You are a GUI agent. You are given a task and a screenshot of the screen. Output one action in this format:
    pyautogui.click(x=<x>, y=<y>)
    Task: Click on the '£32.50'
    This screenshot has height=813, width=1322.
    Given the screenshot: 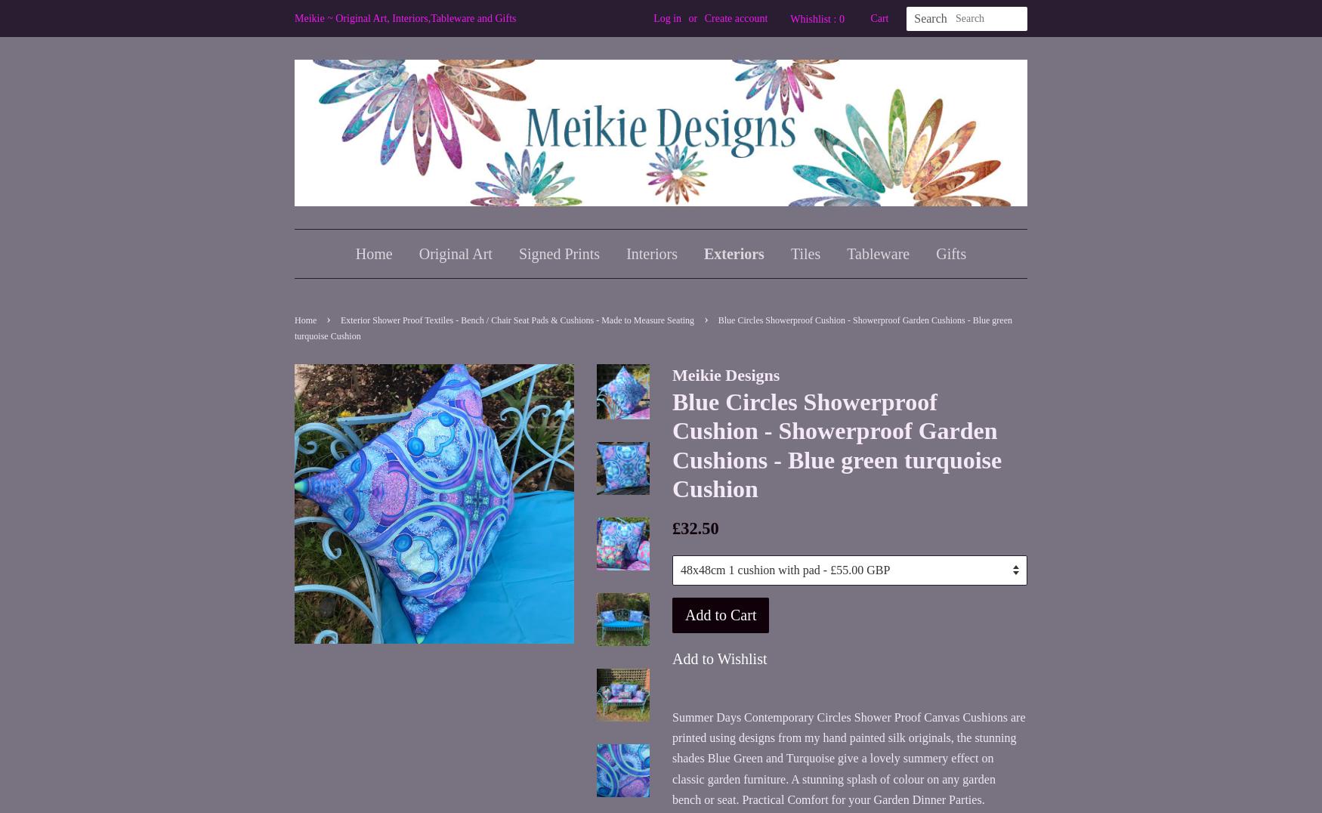 What is the action you would take?
    pyautogui.click(x=694, y=528)
    